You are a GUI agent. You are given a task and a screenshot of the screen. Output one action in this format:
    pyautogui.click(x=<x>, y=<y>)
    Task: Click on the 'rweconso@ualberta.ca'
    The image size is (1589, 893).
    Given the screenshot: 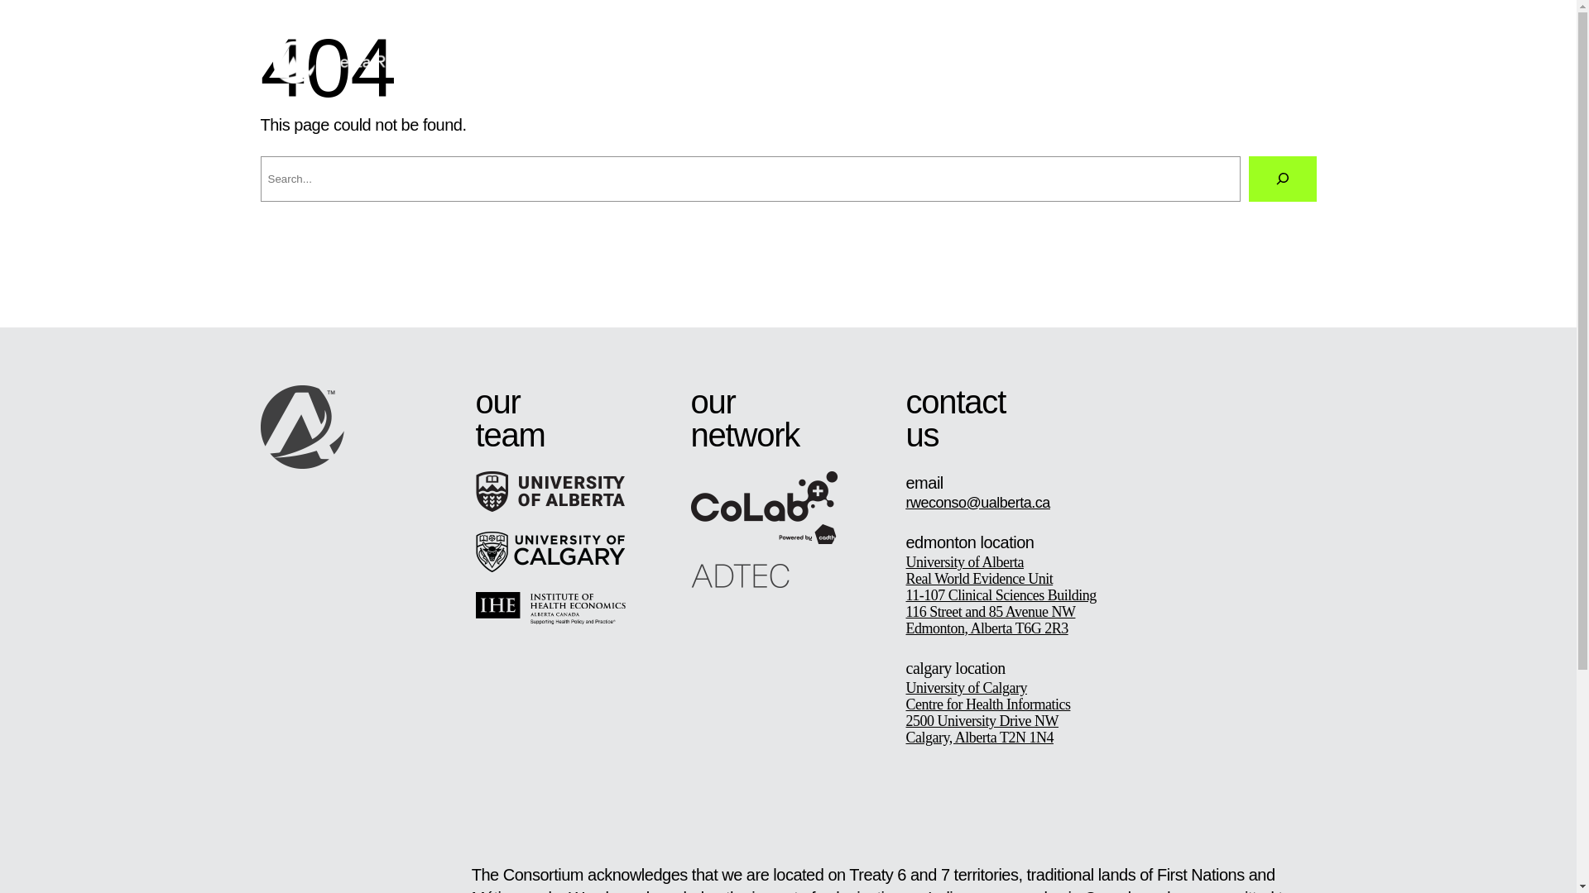 What is the action you would take?
    pyautogui.click(x=905, y=502)
    